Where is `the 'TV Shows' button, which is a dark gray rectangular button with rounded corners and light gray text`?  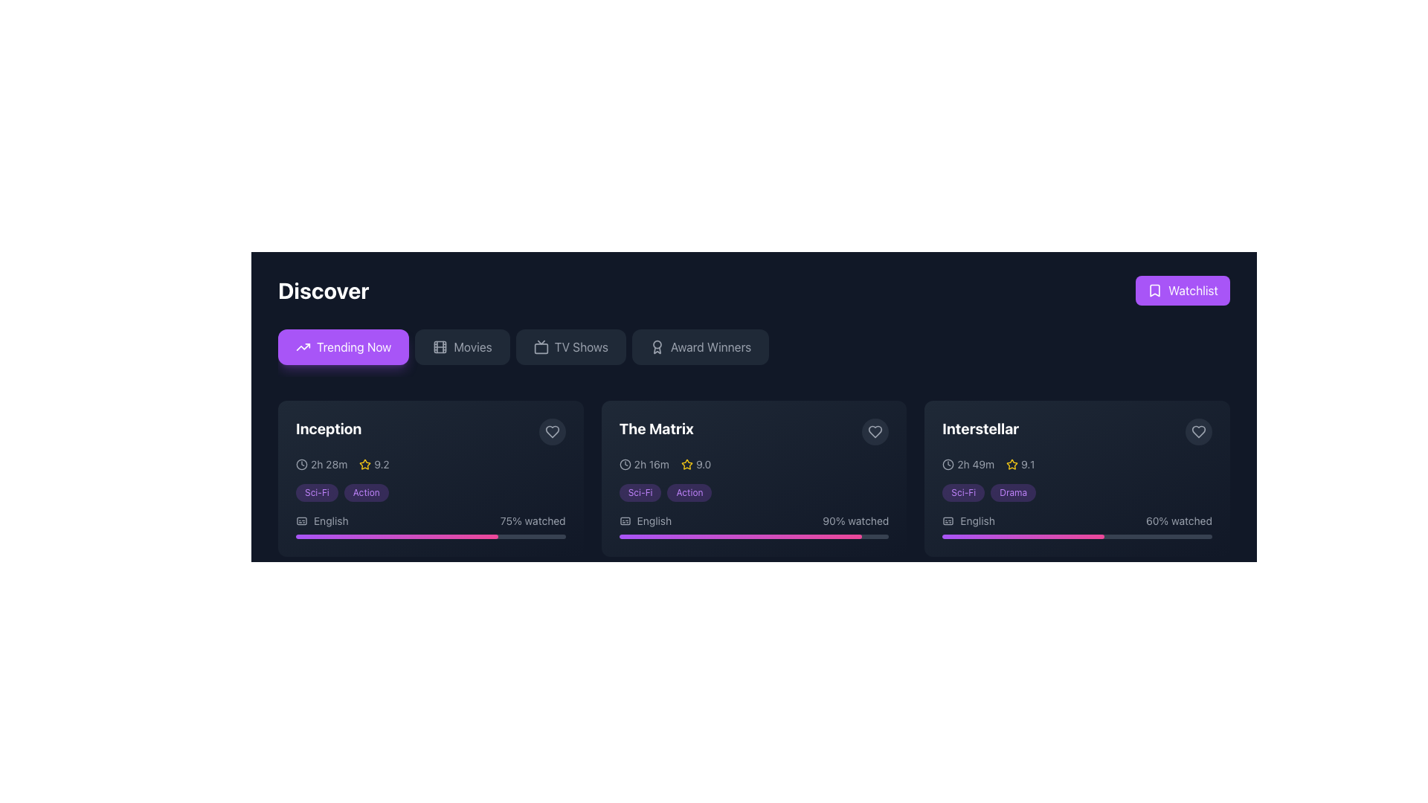
the 'TV Shows' button, which is a dark gray rectangular button with rounded corners and light gray text is located at coordinates (570, 346).